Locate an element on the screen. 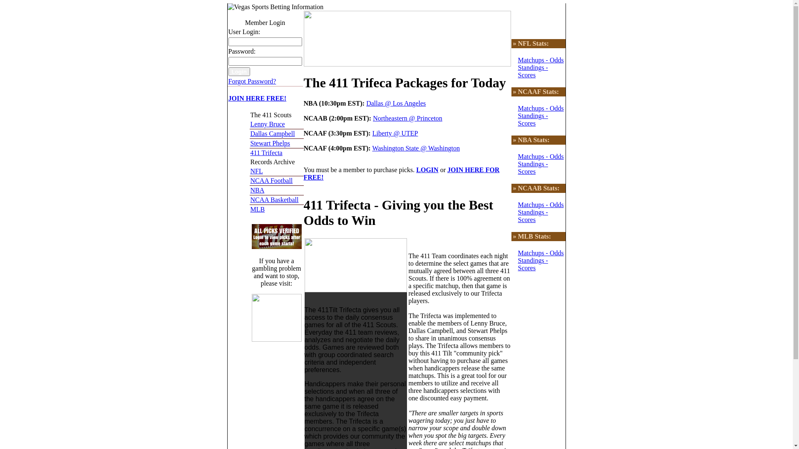 This screenshot has height=449, width=799. 'LOGIN' is located at coordinates (416, 169).